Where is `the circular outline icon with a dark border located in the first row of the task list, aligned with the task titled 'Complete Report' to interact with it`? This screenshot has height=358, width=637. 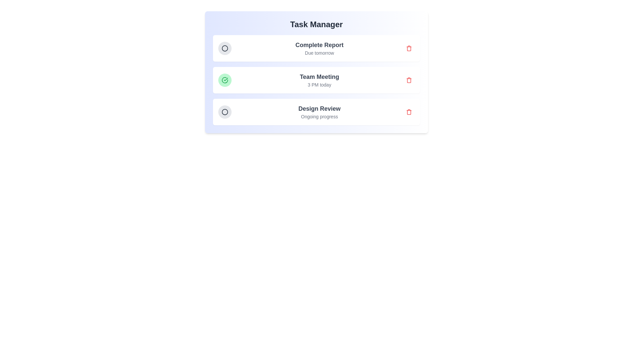 the circular outline icon with a dark border located in the first row of the task list, aligned with the task titled 'Complete Report' to interact with it is located at coordinates (225, 48).